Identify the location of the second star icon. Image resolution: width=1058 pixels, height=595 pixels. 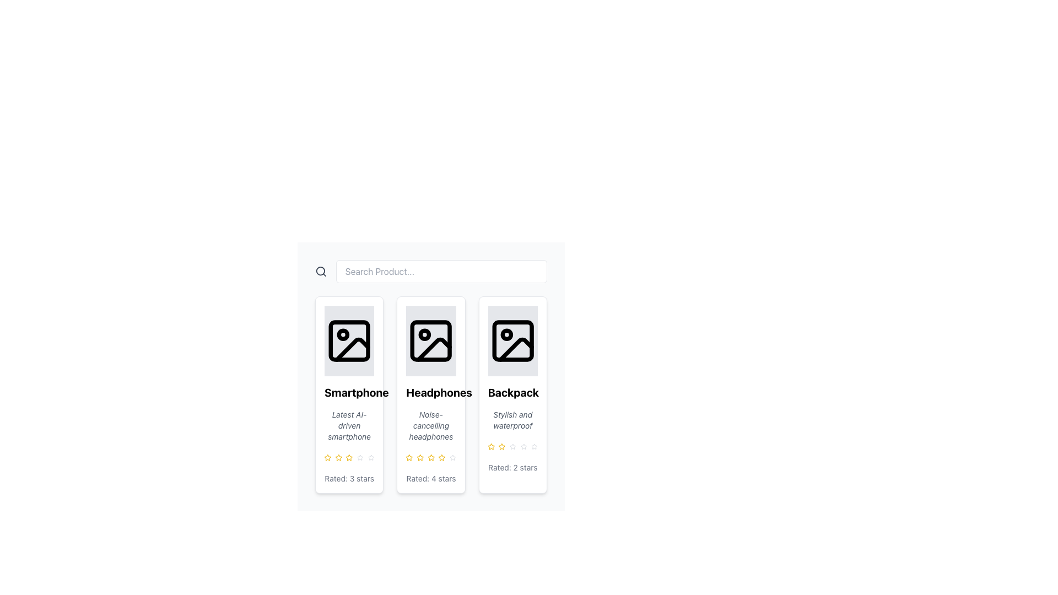
(338, 457).